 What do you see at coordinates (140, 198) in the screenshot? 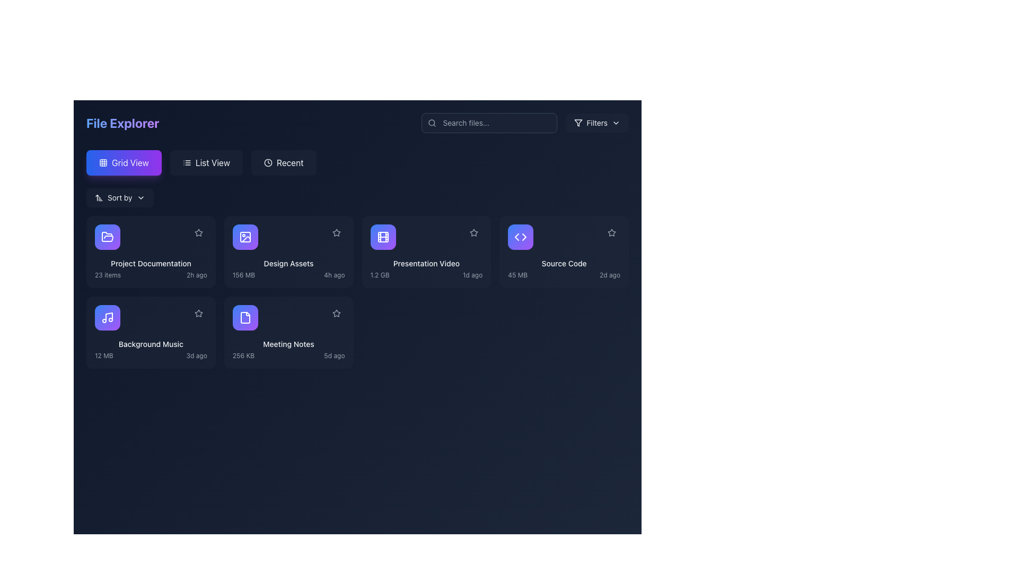
I see `the Dropdown toggle icon located to the right of the 'Sort by' label` at bounding box center [140, 198].